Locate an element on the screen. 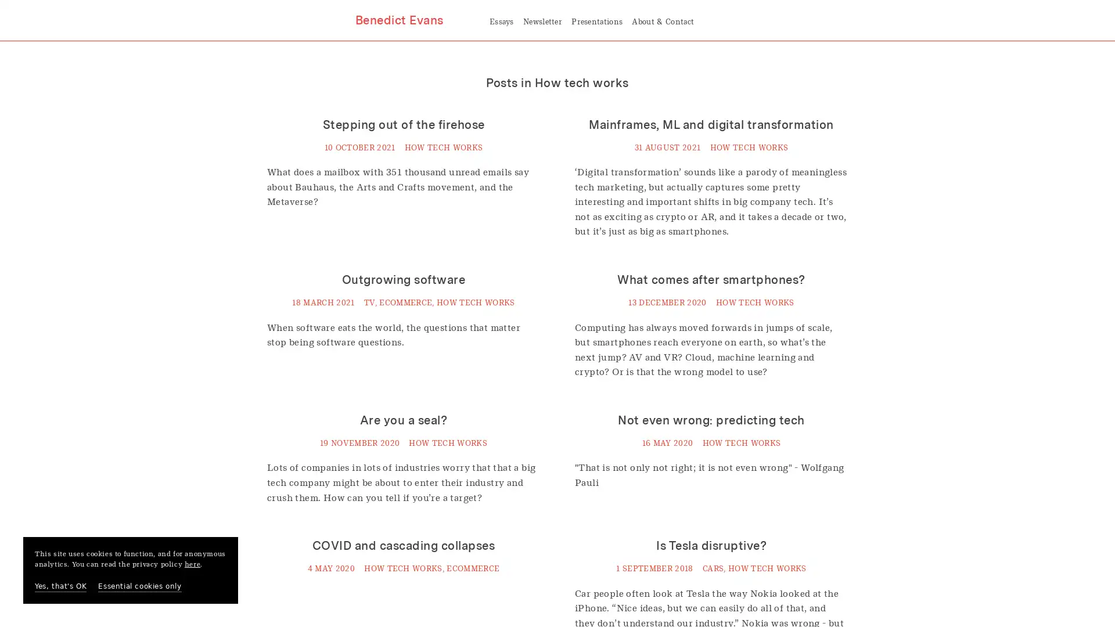 The width and height of the screenshot is (1115, 627). Essential cookies only is located at coordinates (139, 586).